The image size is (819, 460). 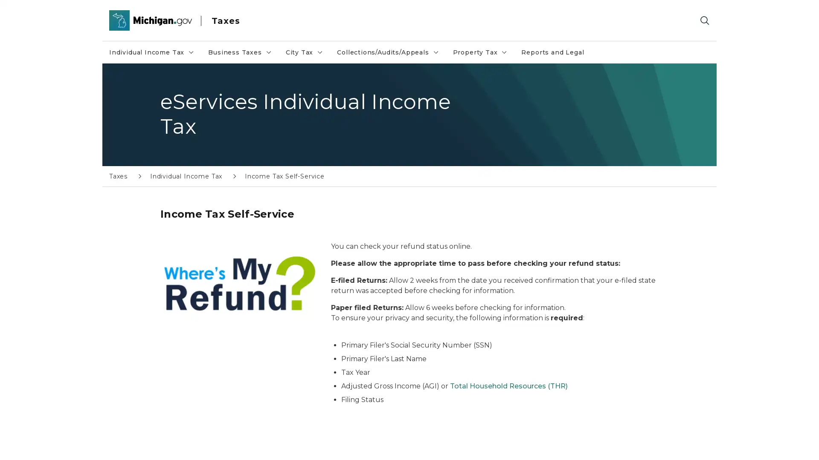 I want to click on Search, so click(x=704, y=20).